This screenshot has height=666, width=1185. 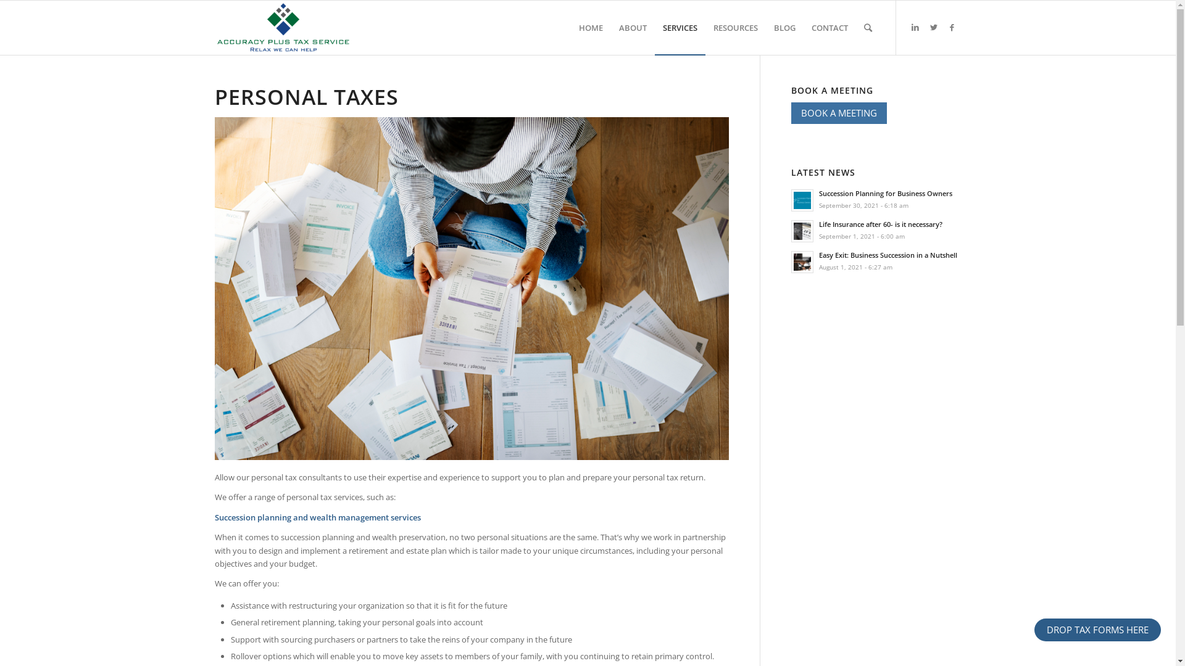 What do you see at coordinates (734, 28) in the screenshot?
I see `'RESOURCES'` at bounding box center [734, 28].